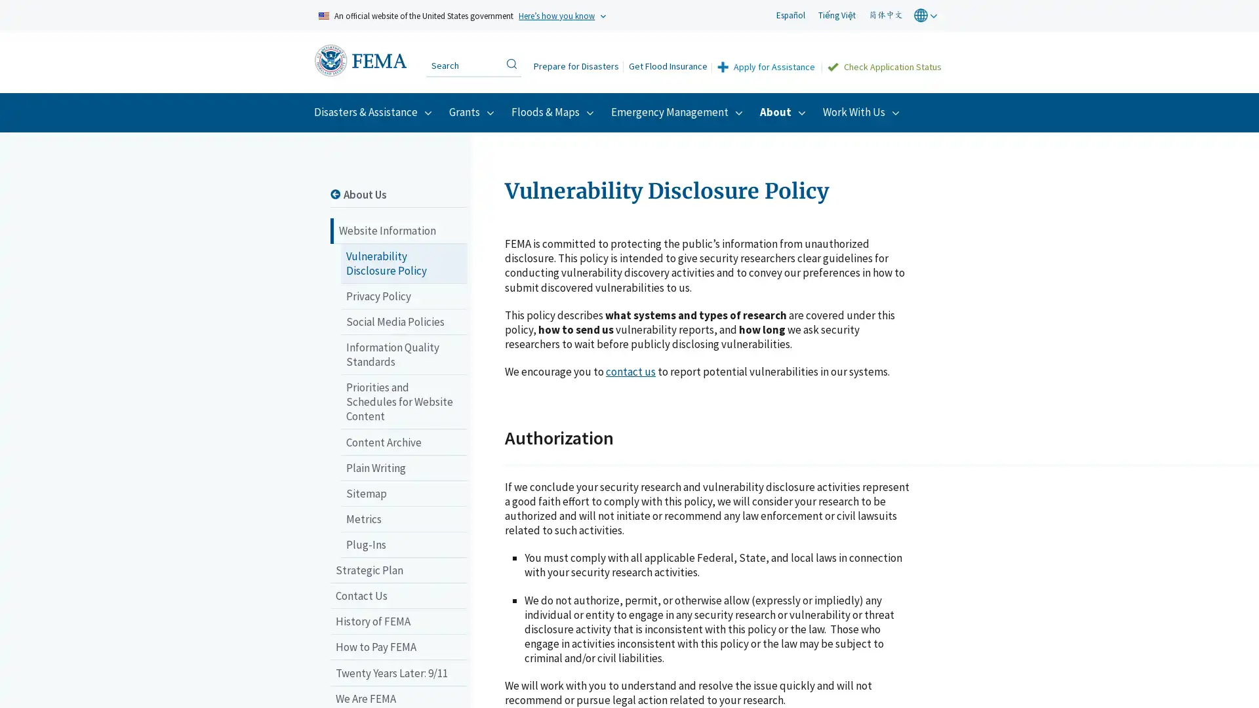 This screenshot has height=708, width=1259. I want to click on Search, so click(510, 63).